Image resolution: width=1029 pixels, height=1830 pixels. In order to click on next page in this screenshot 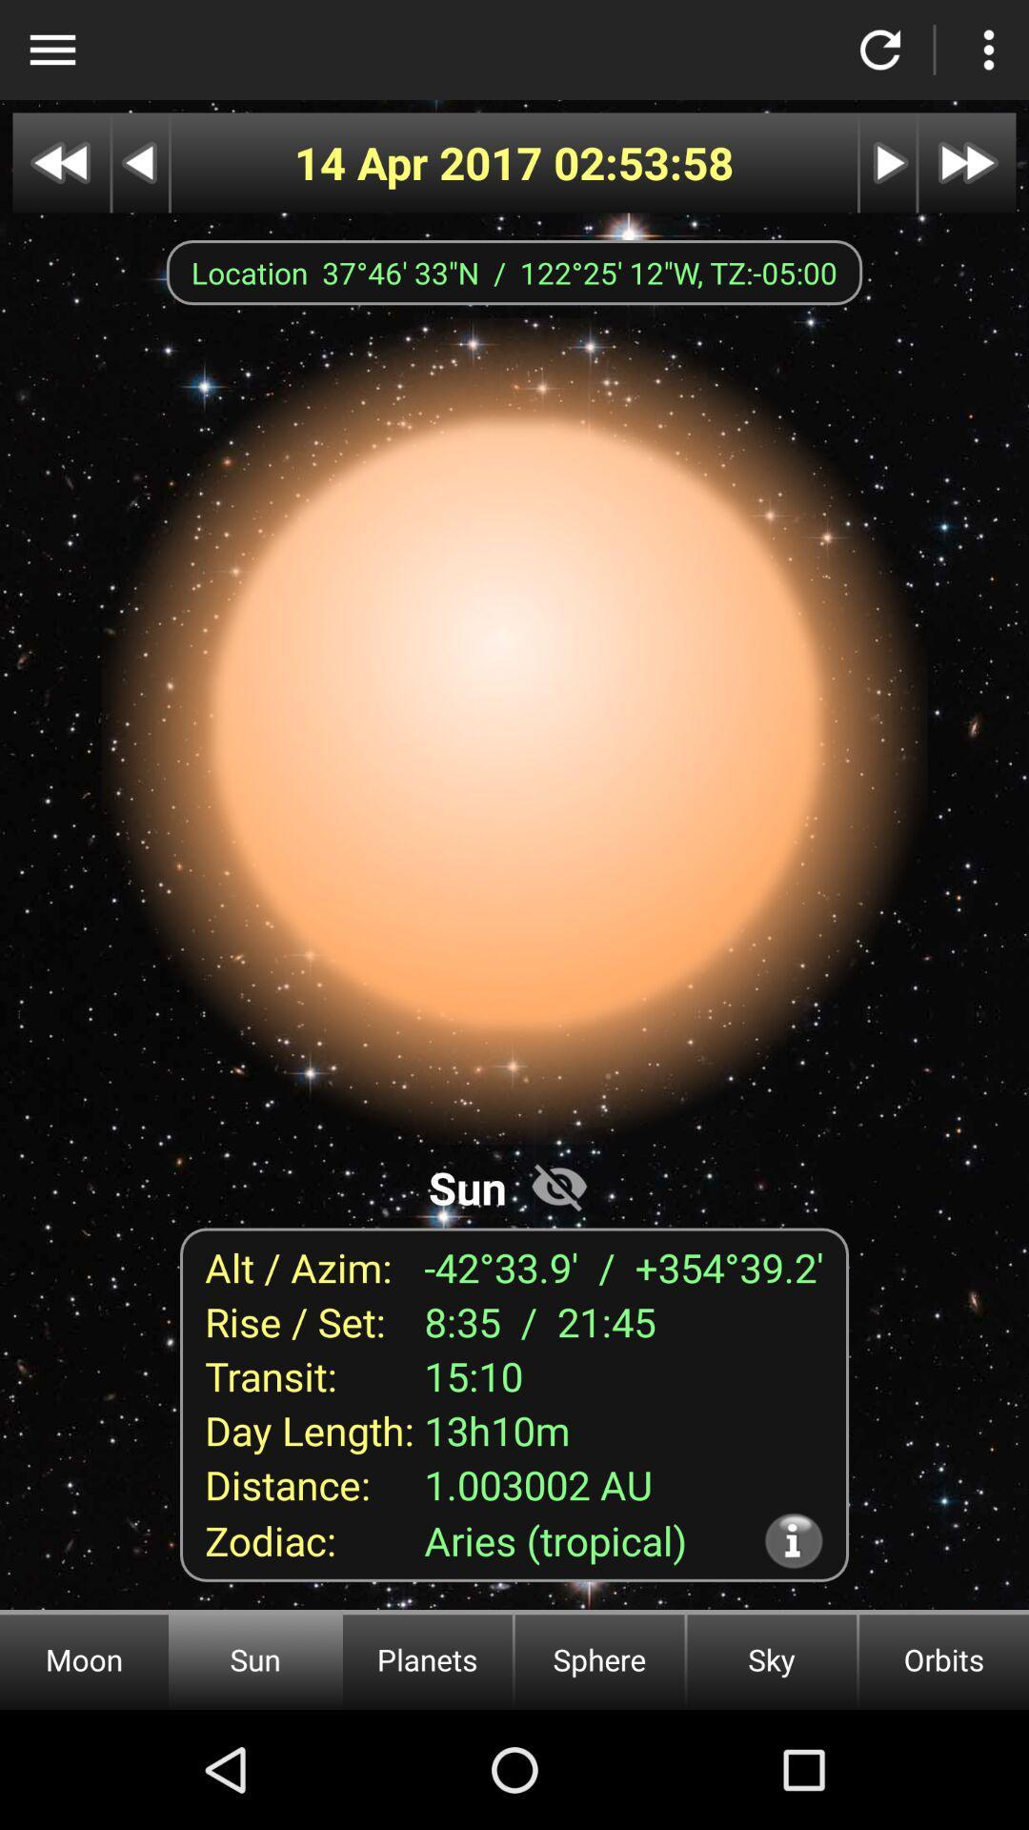, I will do `click(888, 163)`.